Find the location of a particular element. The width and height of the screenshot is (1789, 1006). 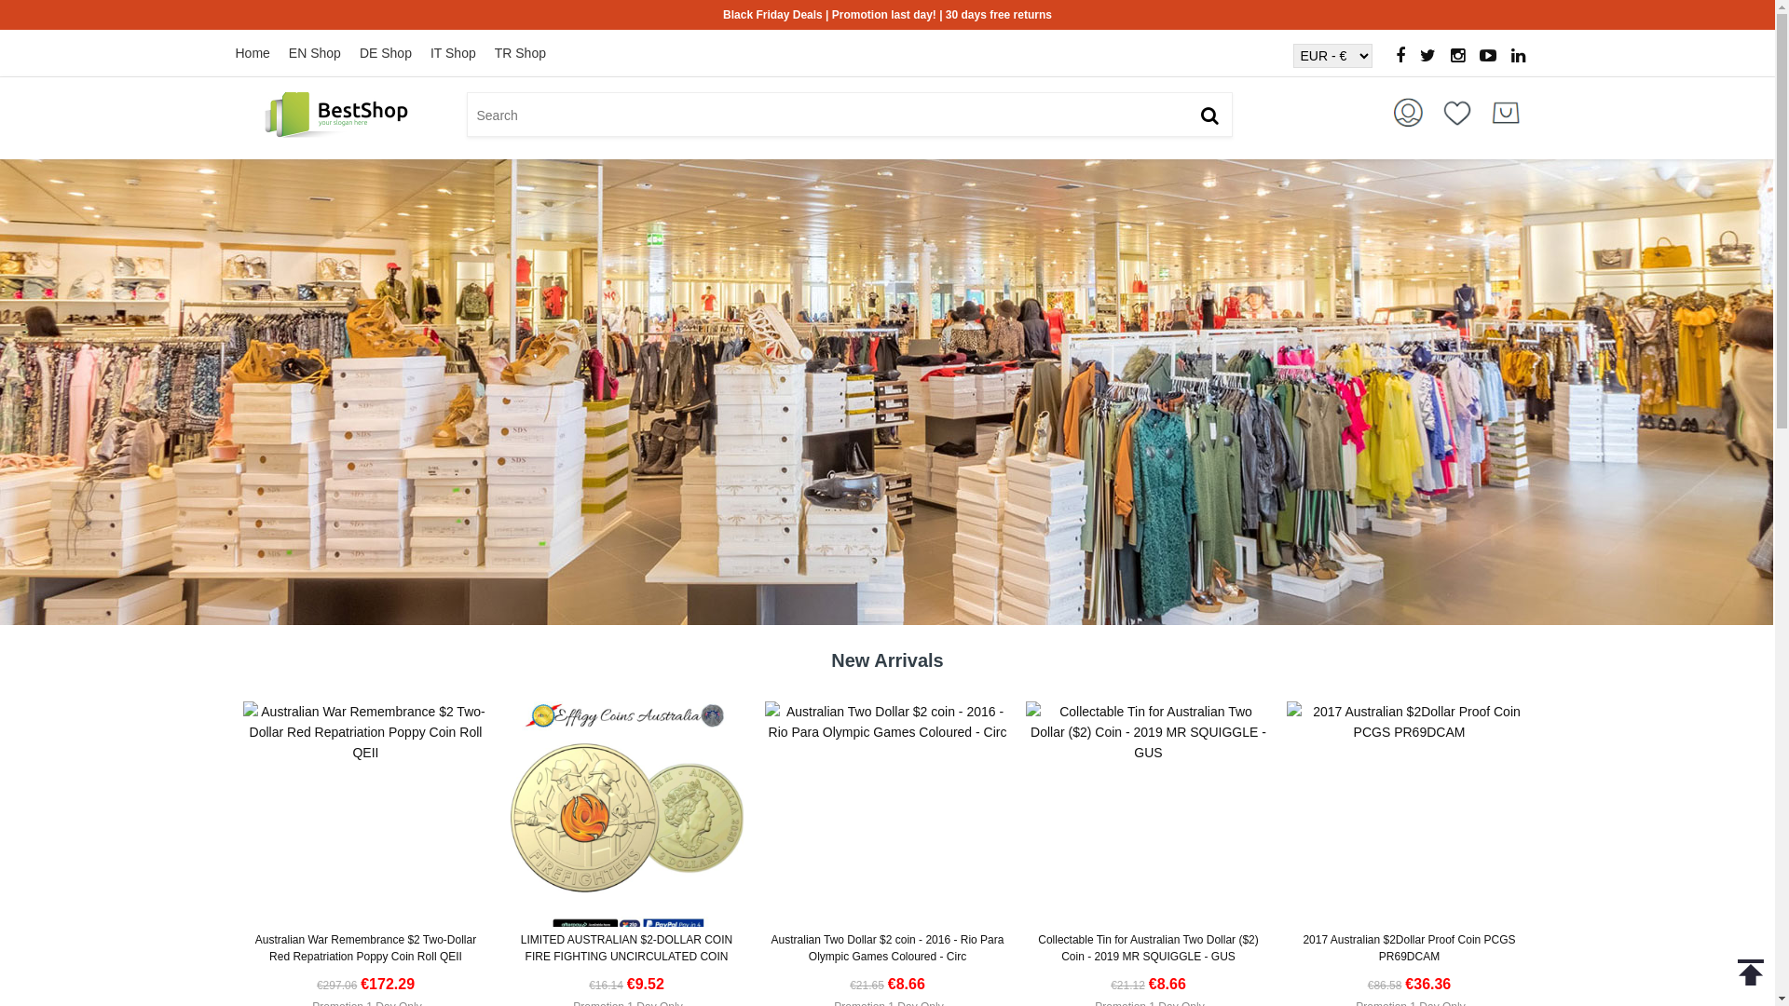

'2017 Australian $2Dollar Proof Coin PCGS PR69DCAM' is located at coordinates (1286, 721).